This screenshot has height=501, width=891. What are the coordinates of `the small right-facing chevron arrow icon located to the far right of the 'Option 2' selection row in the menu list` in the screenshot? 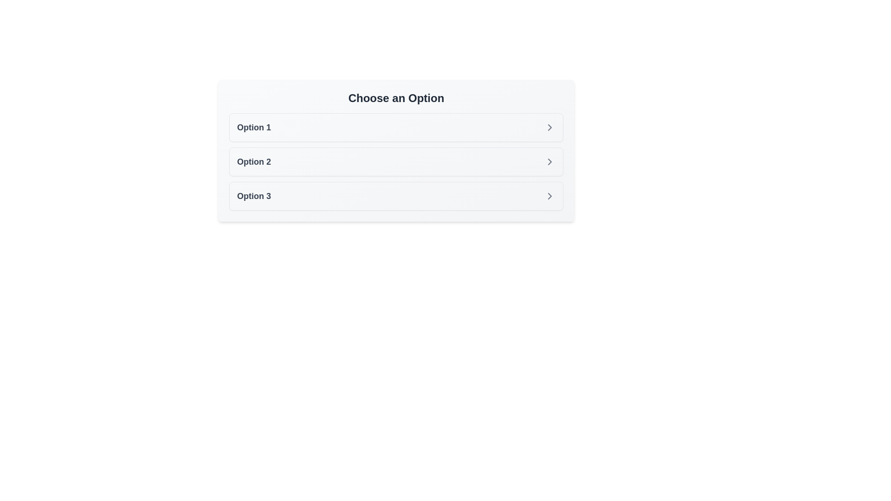 It's located at (550, 161).